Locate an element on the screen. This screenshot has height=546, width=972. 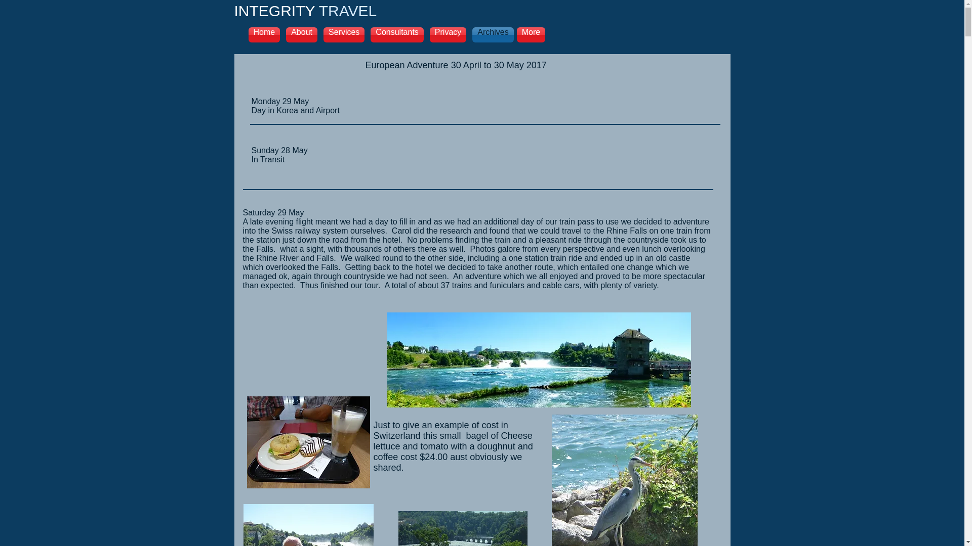
'Home' is located at coordinates (265, 34).